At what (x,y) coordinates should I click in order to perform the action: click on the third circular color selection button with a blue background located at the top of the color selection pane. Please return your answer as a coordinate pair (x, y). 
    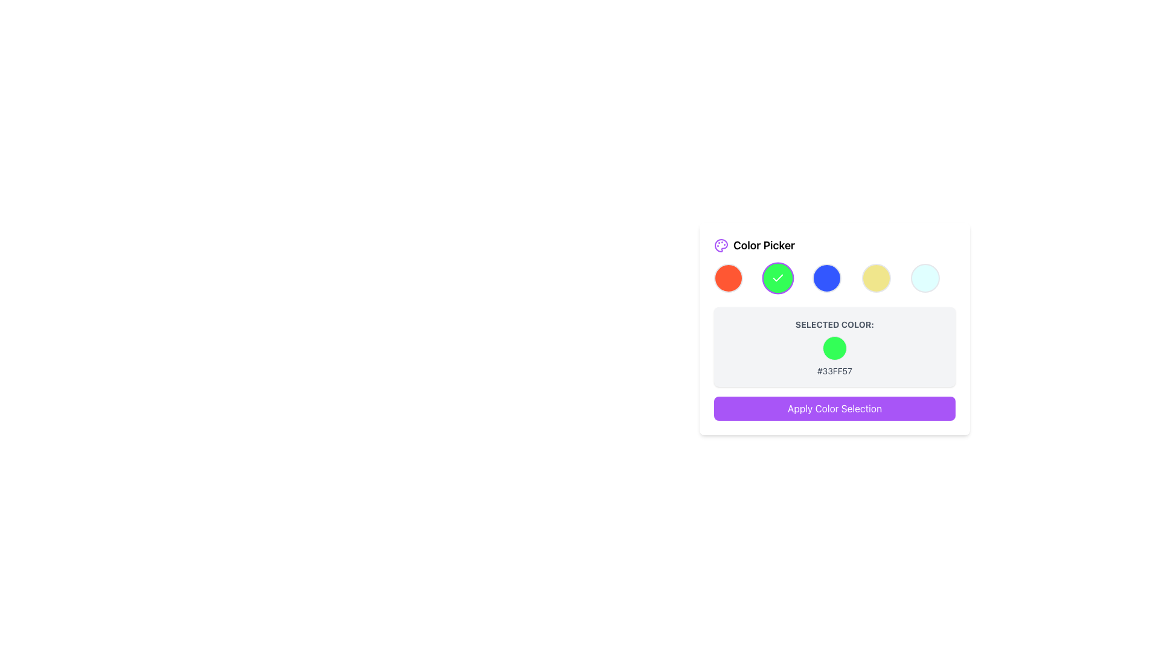
    Looking at the image, I should click on (826, 278).